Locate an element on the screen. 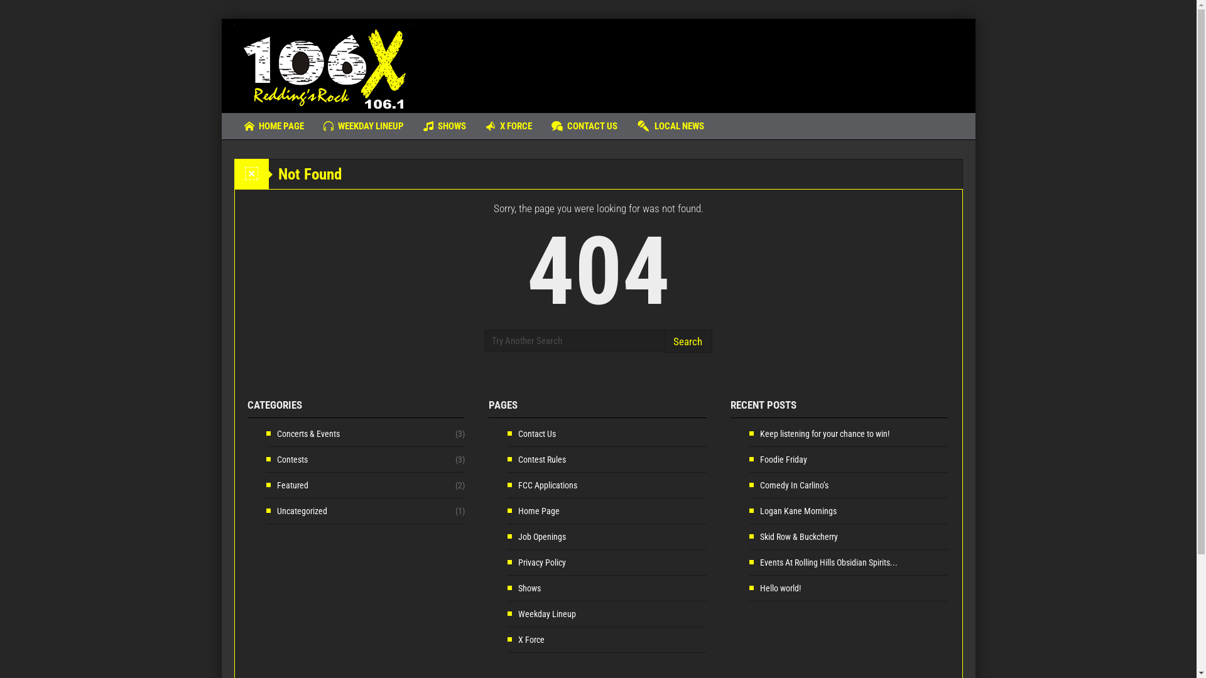 The width and height of the screenshot is (1206, 678). 'FCC Applications' is located at coordinates (542, 484).